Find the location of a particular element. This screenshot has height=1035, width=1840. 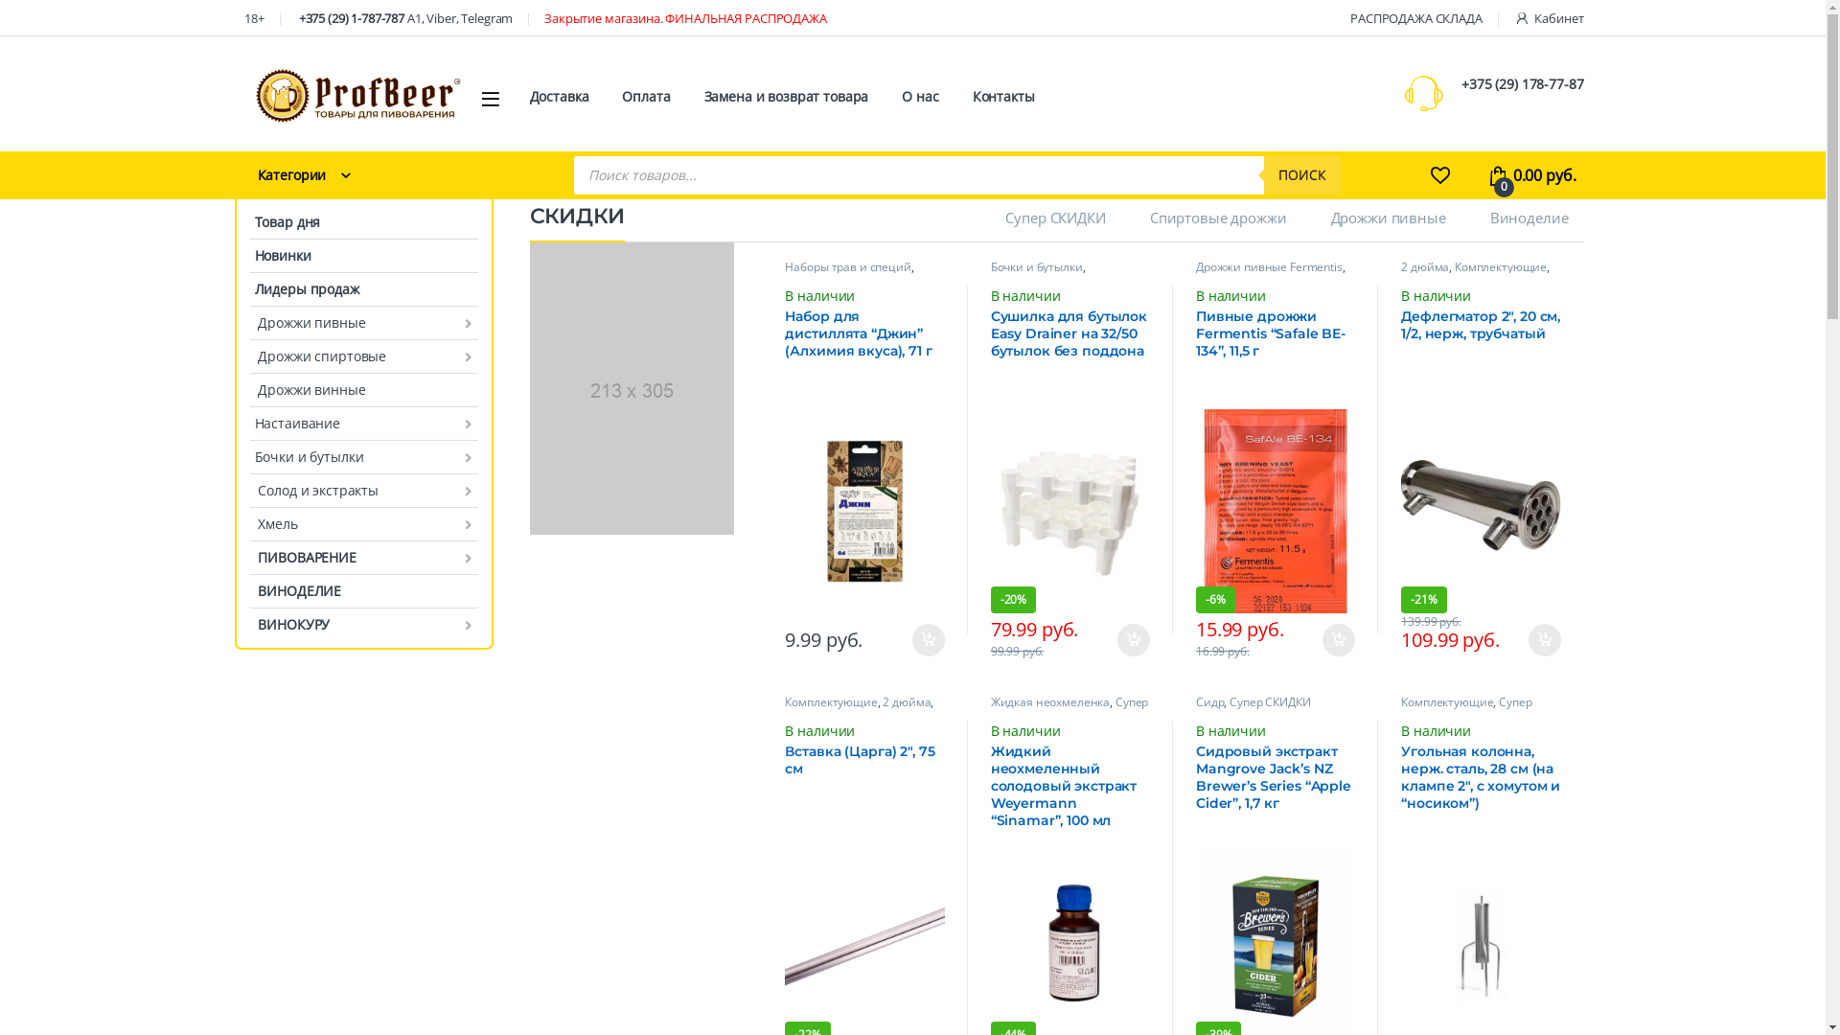

' 18+' is located at coordinates (251, 17).